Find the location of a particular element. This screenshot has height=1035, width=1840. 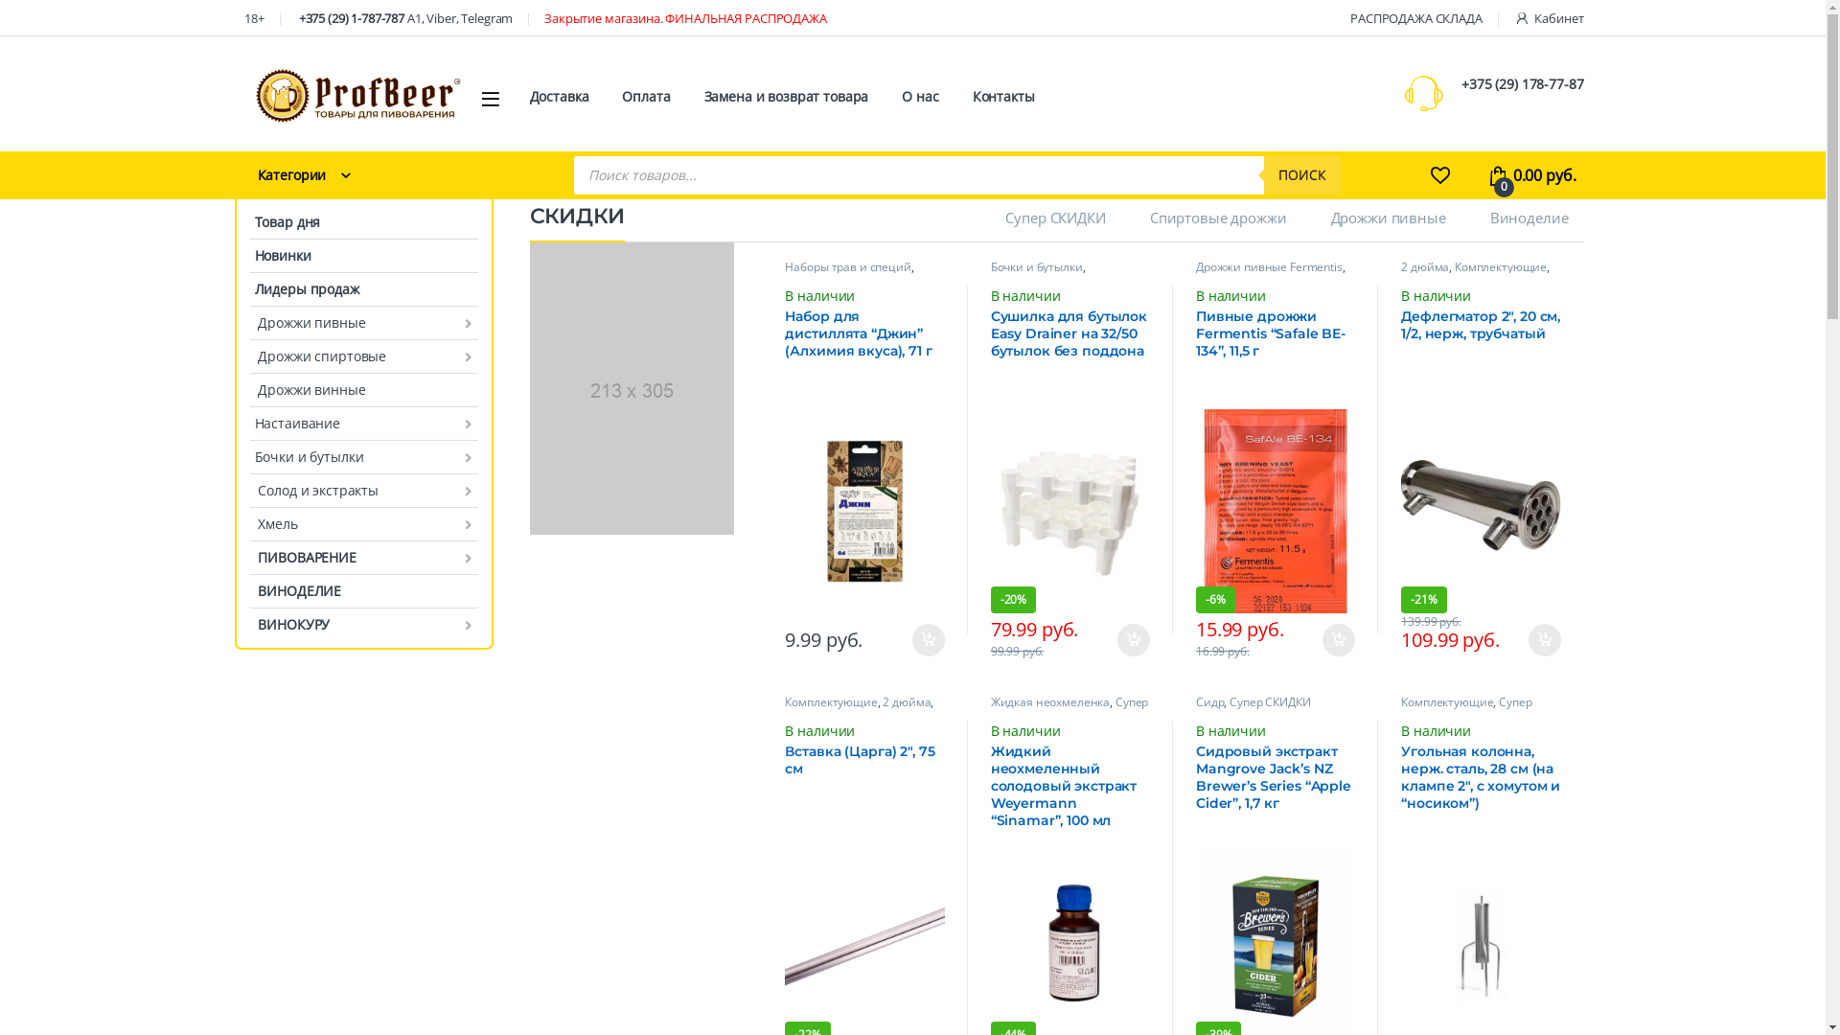

' 18+' is located at coordinates (251, 17).